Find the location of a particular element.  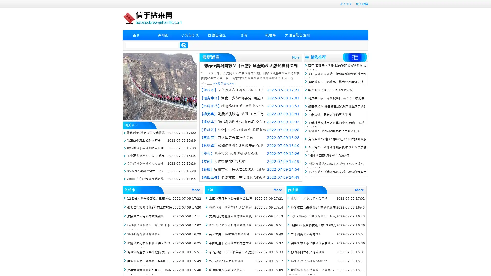

Search is located at coordinates (184, 45).